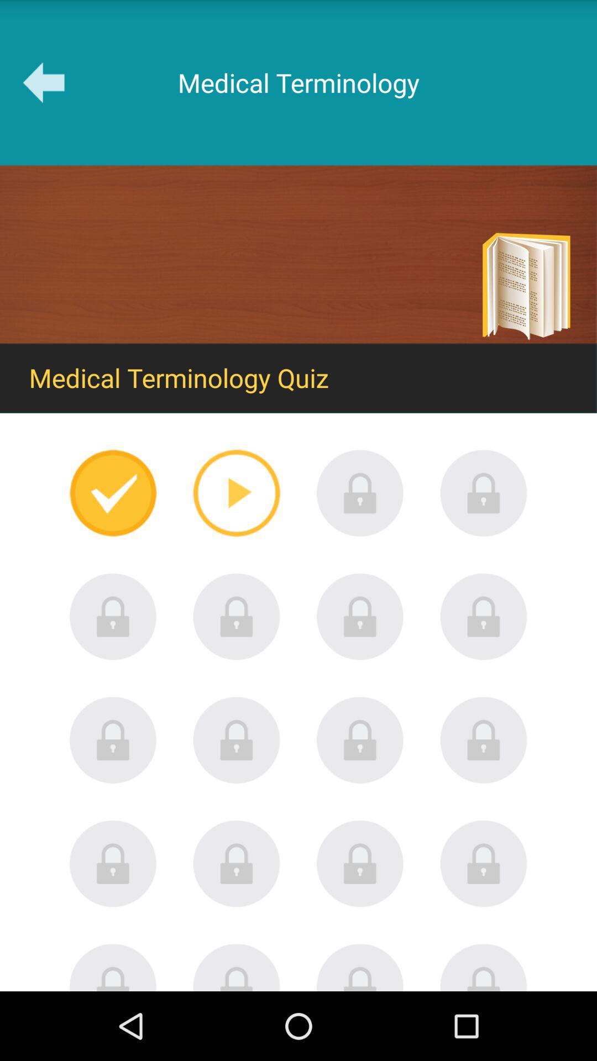 This screenshot has height=1061, width=597. What do you see at coordinates (483, 967) in the screenshot?
I see `locked until other games completed` at bounding box center [483, 967].